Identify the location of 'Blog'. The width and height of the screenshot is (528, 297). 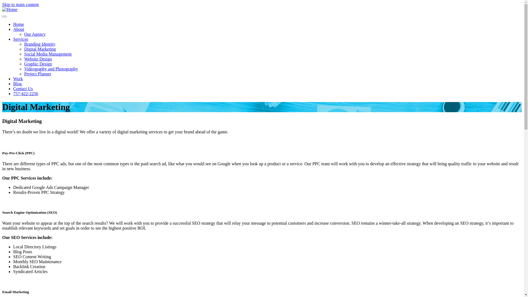
(17, 84).